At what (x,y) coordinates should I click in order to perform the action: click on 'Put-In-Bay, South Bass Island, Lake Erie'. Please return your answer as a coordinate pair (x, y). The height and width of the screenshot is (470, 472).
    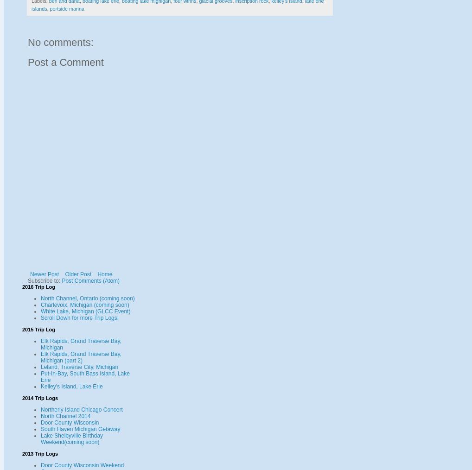
    Looking at the image, I should click on (85, 376).